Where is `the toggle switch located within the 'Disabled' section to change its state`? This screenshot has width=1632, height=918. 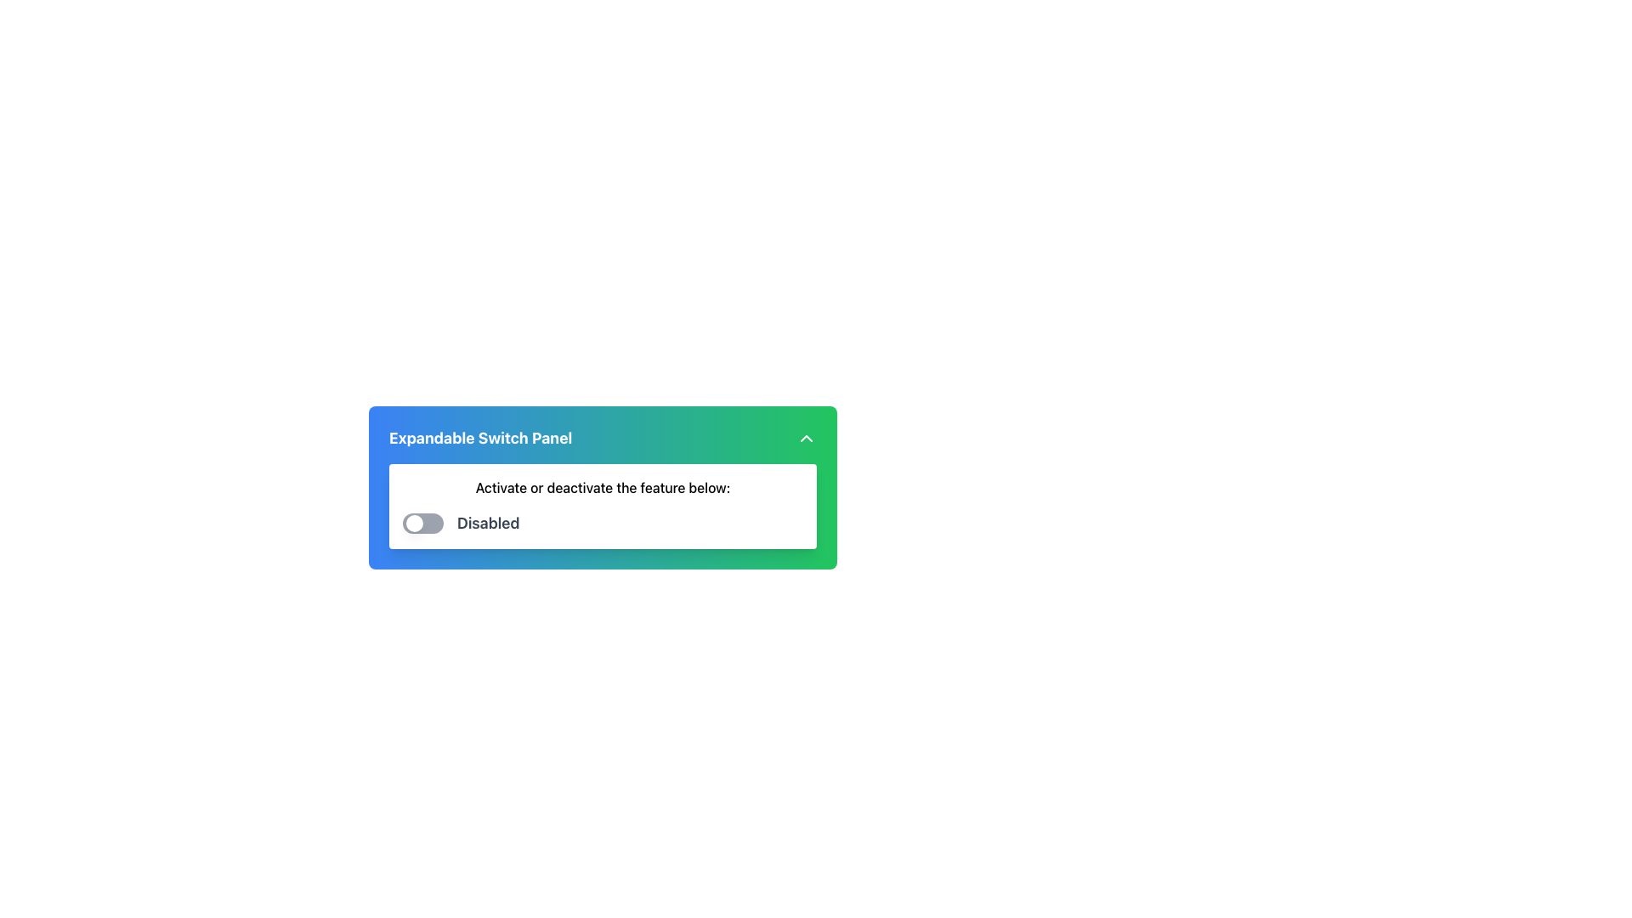
the toggle switch located within the 'Disabled' section to change its state is located at coordinates (423, 523).